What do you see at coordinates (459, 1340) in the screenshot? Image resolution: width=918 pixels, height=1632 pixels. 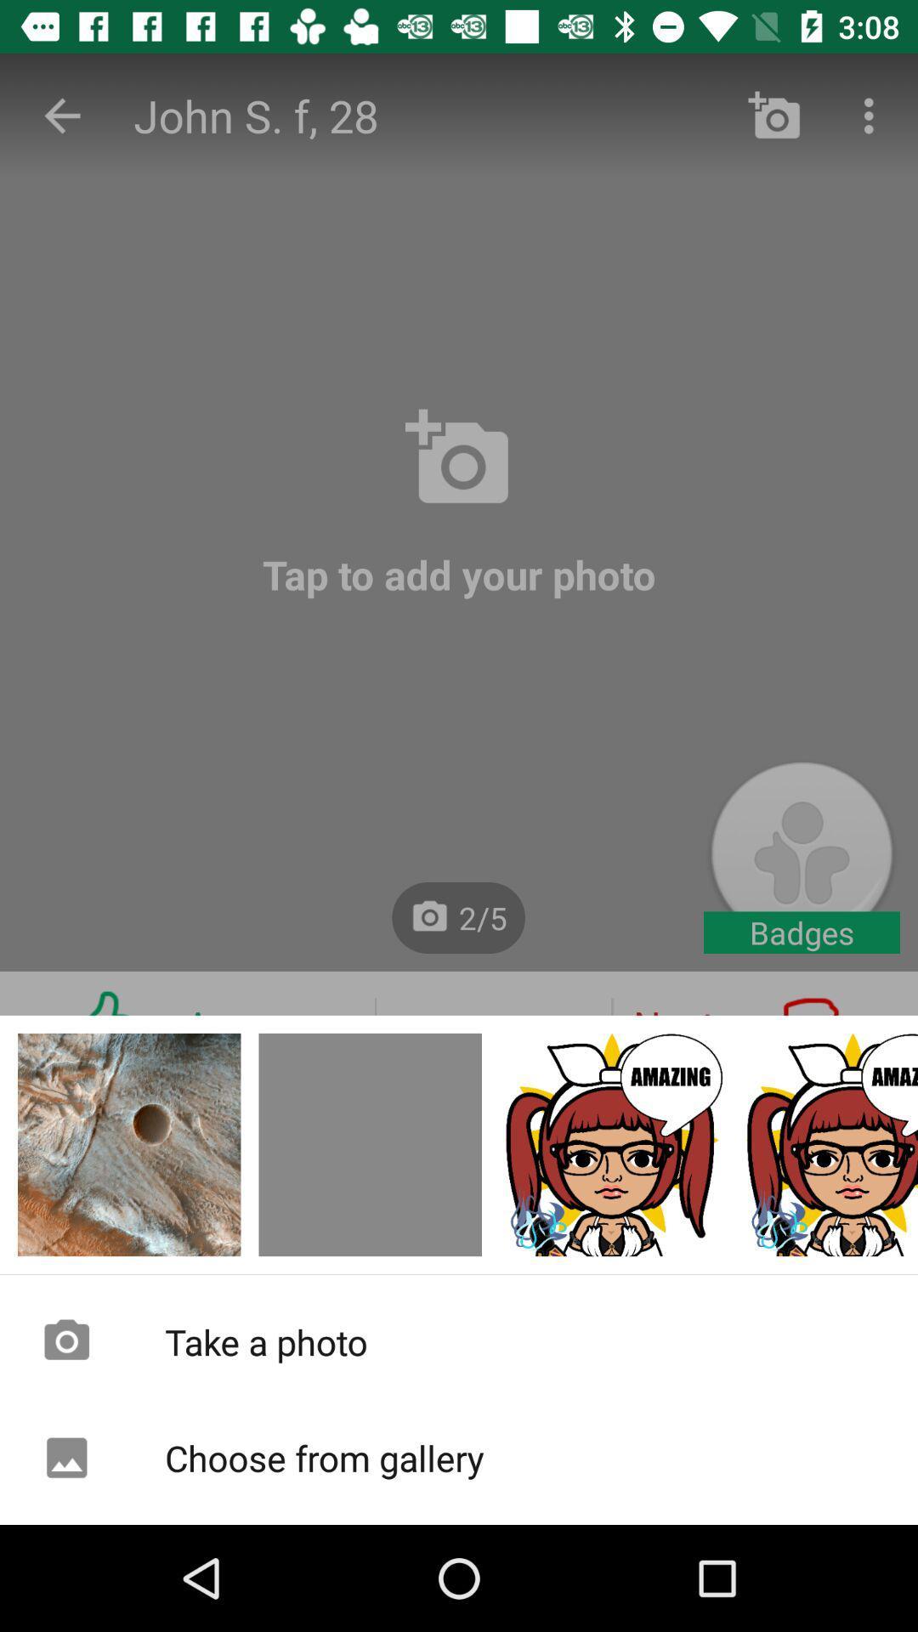 I see `take a photo item` at bounding box center [459, 1340].